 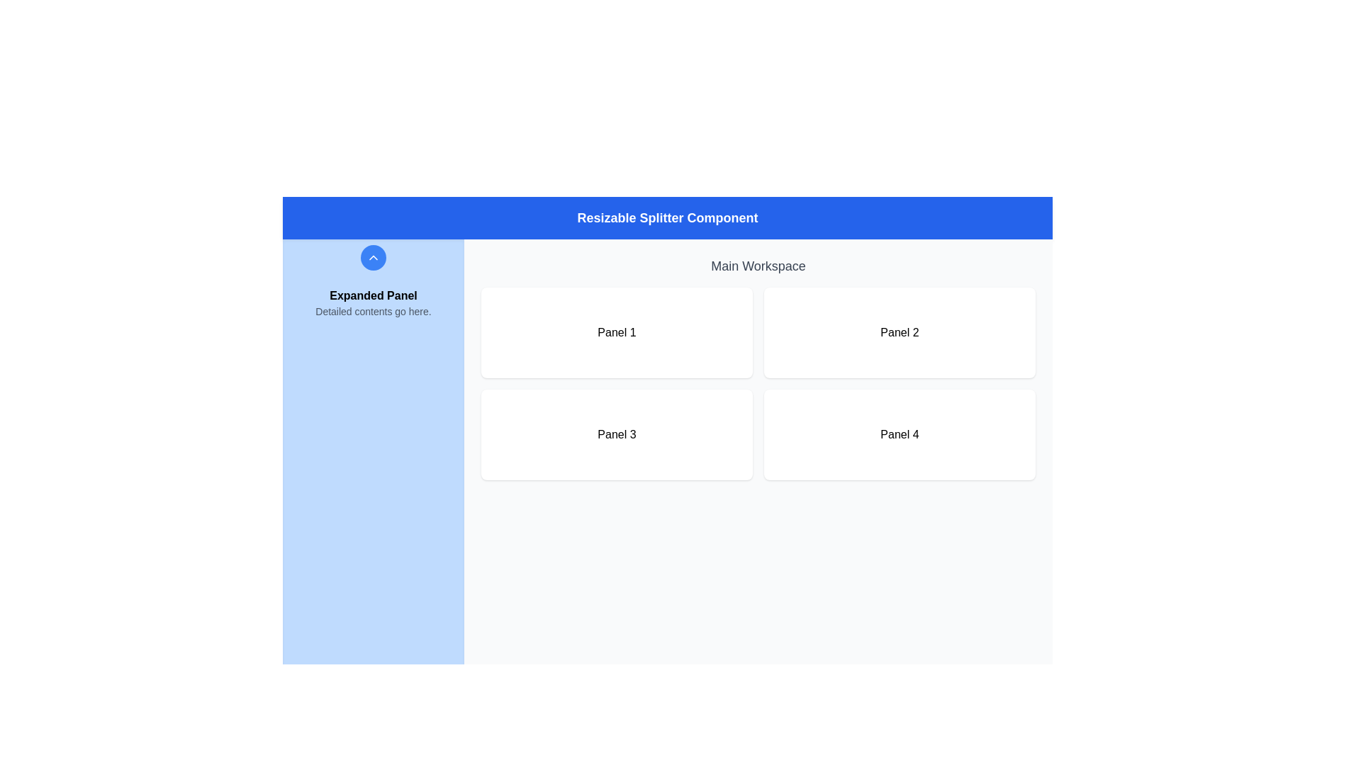 What do you see at coordinates (617, 433) in the screenshot?
I see `the rectangular panel with a white background and centered text reading 'Panel 3'` at bounding box center [617, 433].